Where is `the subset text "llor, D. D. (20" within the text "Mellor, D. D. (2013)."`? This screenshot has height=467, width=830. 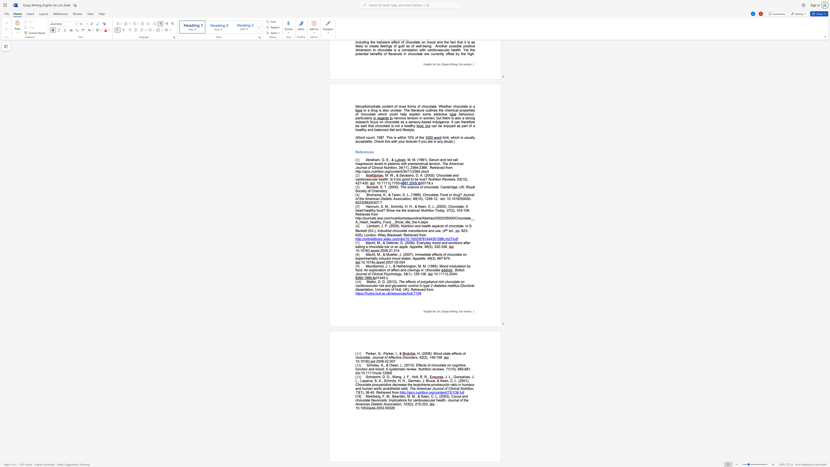 the subset text "llor, D. D. (20" within the text "Mellor, D. D. (2013)." is located at coordinates (371, 281).